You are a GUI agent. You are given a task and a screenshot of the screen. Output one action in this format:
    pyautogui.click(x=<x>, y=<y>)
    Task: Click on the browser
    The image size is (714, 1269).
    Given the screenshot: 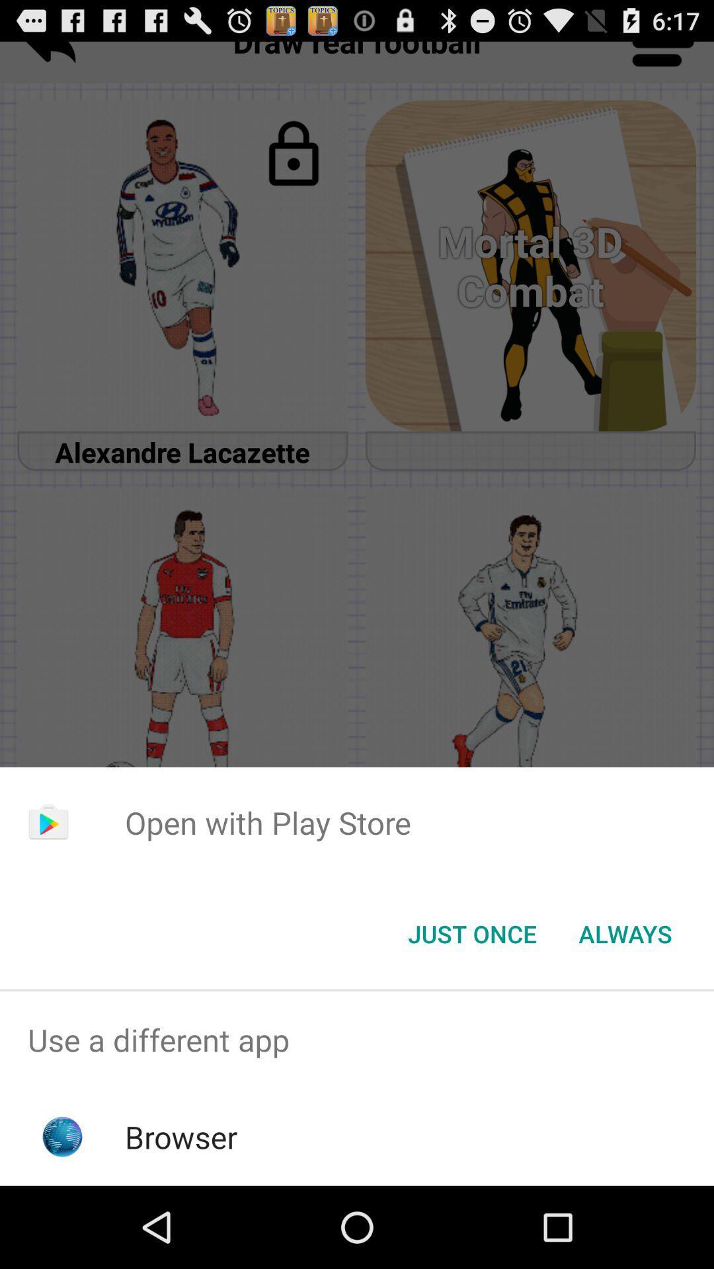 What is the action you would take?
    pyautogui.click(x=181, y=1136)
    